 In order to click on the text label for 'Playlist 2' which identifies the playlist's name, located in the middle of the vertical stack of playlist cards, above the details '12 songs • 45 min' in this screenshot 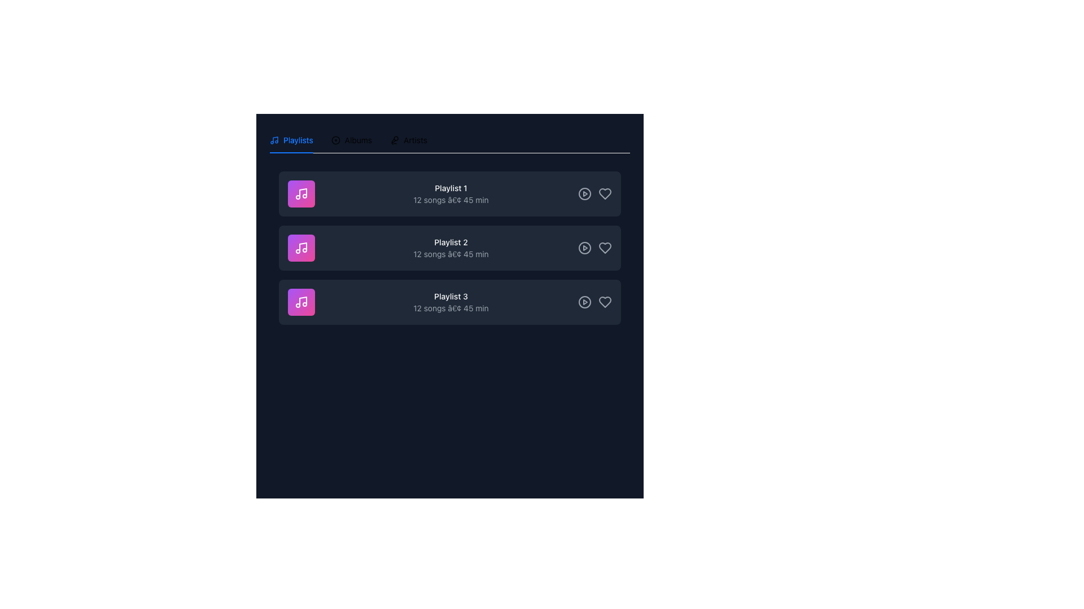, I will do `click(450, 241)`.